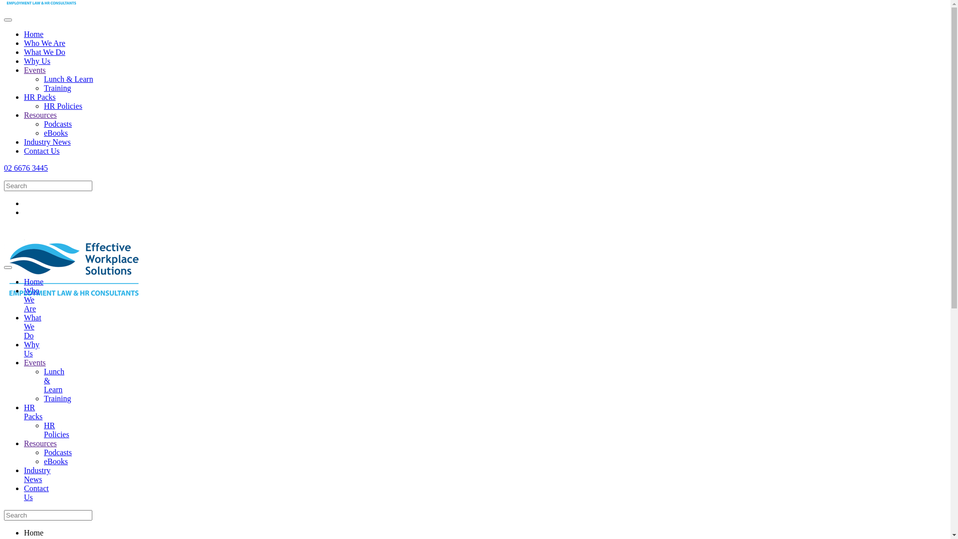 This screenshot has height=539, width=958. I want to click on 'Home', so click(33, 33).